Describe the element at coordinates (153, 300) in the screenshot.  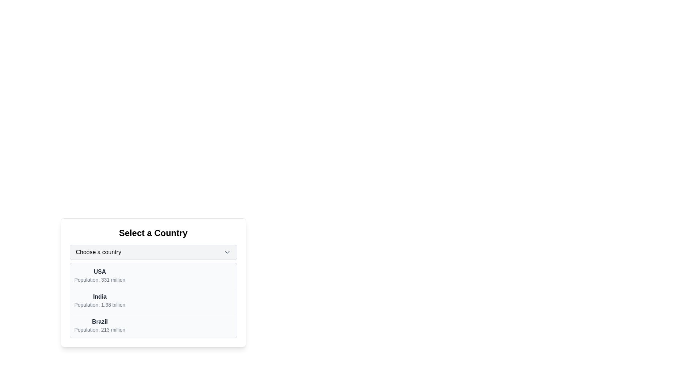
I see `the list item representing the country 'India' in the selection list titled 'Select a Country'` at that location.